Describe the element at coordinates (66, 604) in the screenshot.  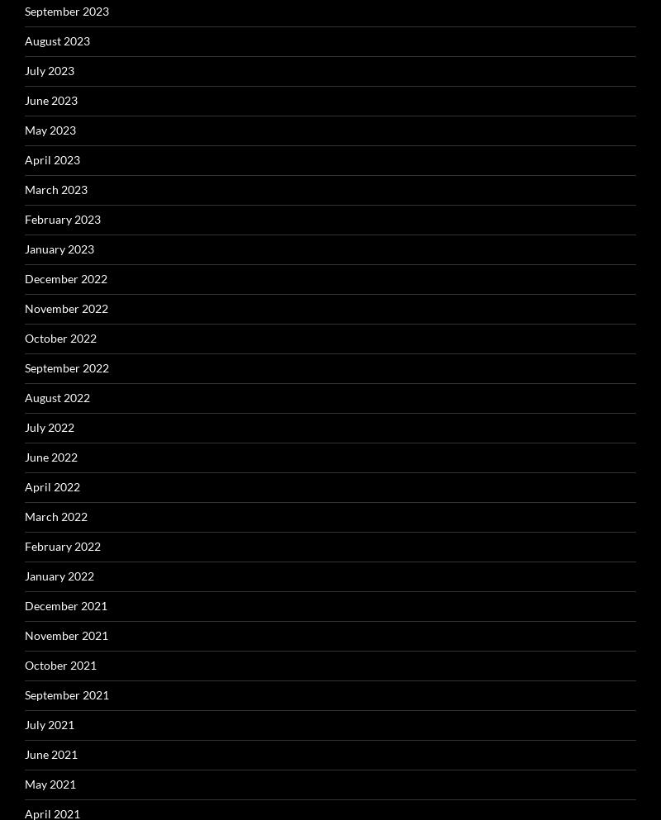
I see `'December 2021'` at that location.